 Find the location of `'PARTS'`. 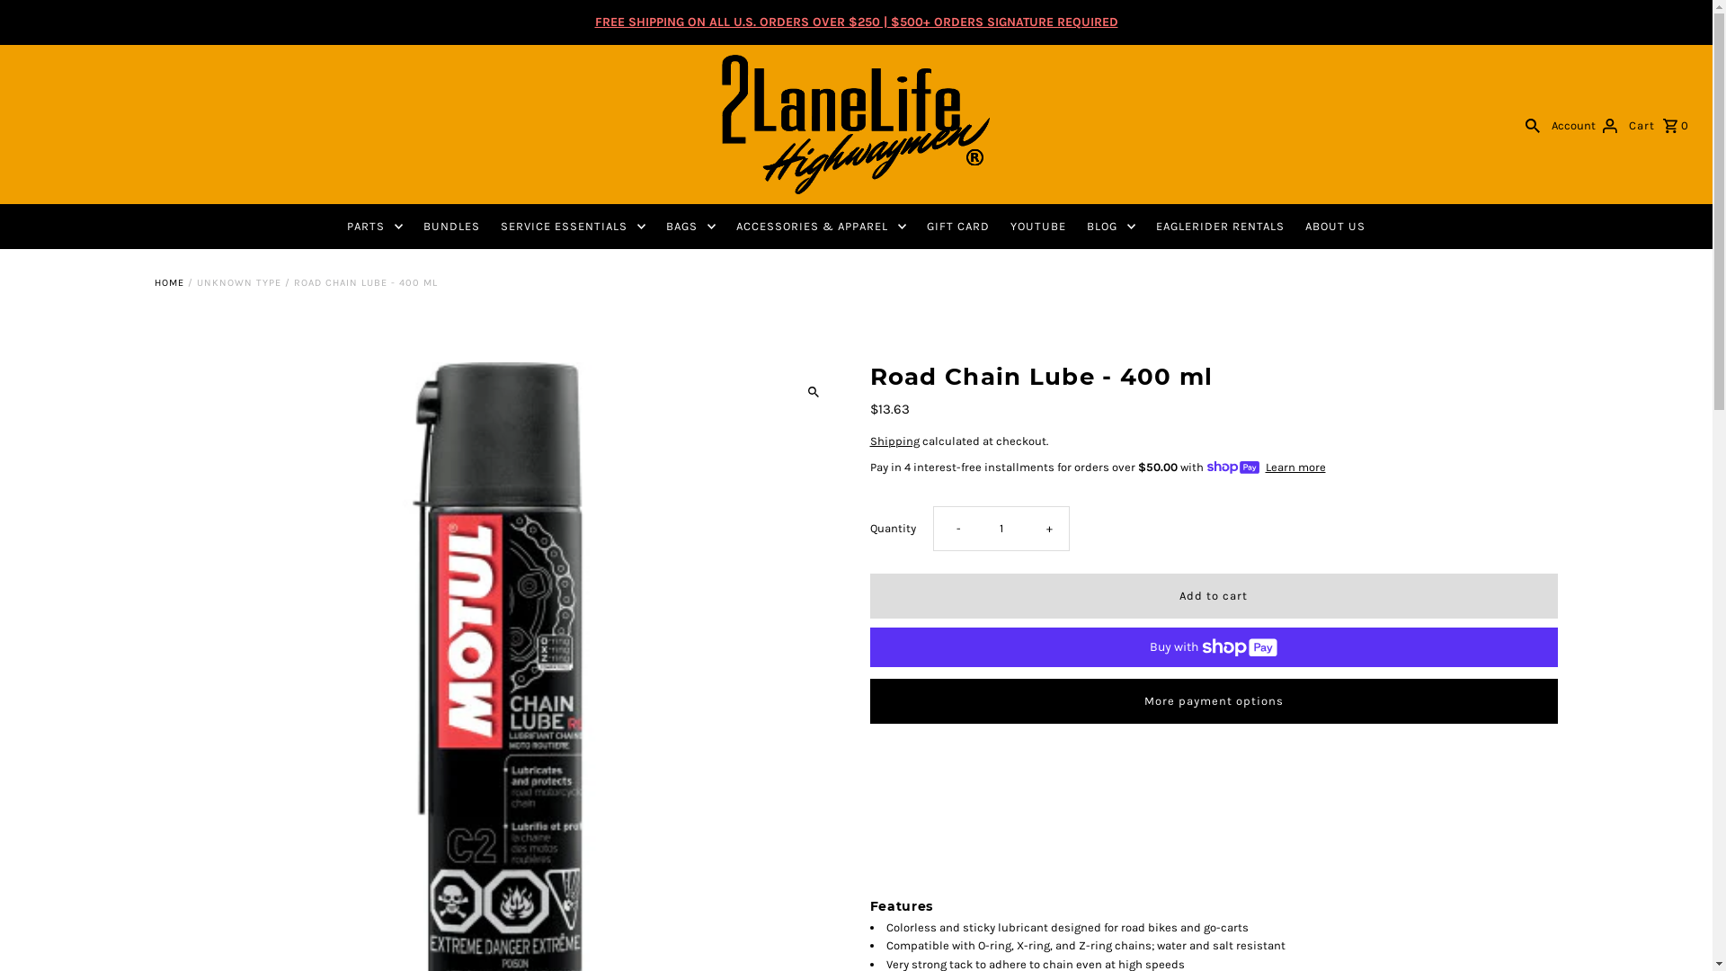

'PARTS' is located at coordinates (337, 225).